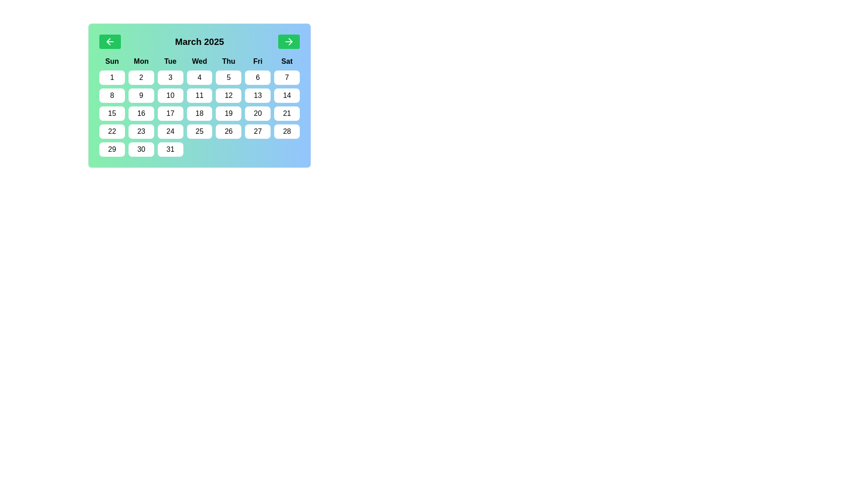 The width and height of the screenshot is (863, 485). What do you see at coordinates (257, 113) in the screenshot?
I see `the button that represents the date '20' in the calendar located in the sixth column of the fifth row, below the header 'Fri'` at bounding box center [257, 113].